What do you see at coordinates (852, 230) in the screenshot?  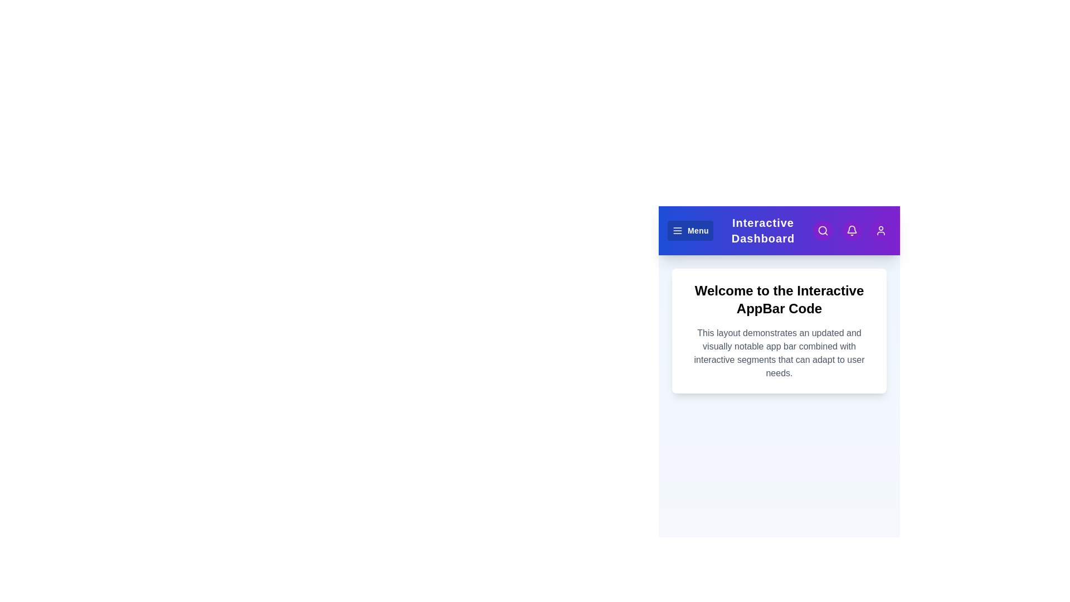 I see `the 'Bell' icon to view notifications` at bounding box center [852, 230].